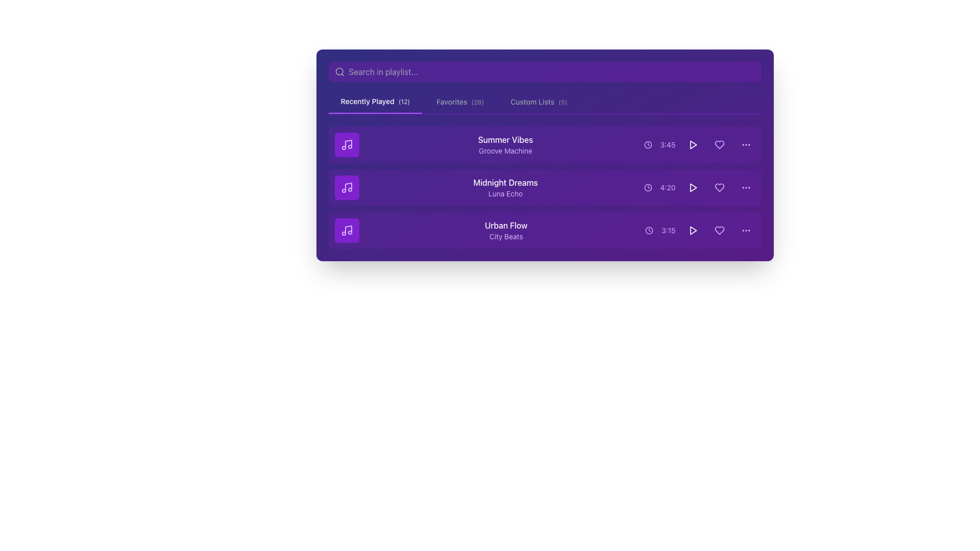  Describe the element at coordinates (719, 230) in the screenshot. I see `the favorite or like icon button located within the third track item of the playlist, aligned to the right near the play and duration controls` at that location.